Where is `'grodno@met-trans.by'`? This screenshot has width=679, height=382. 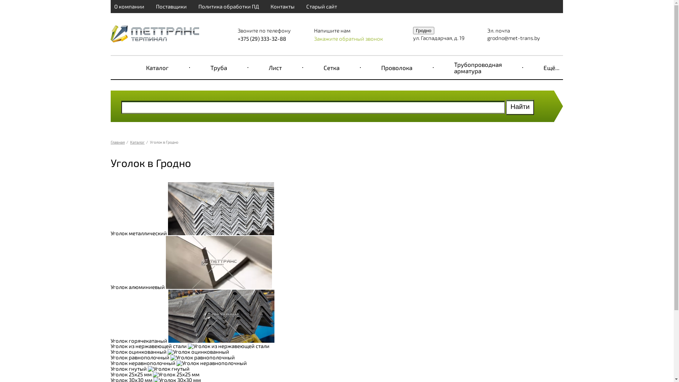
'grodno@met-trans.by' is located at coordinates (513, 37).